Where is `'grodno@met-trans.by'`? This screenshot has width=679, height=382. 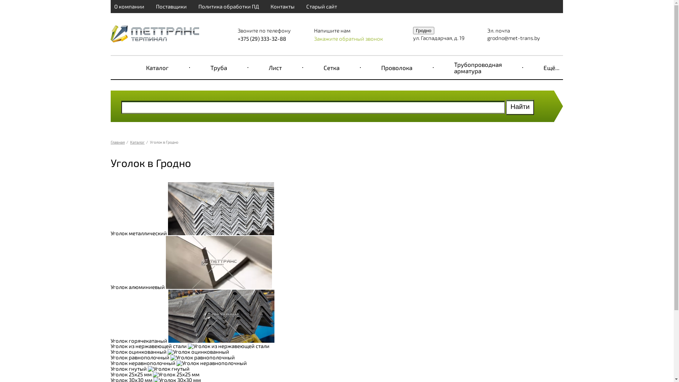
'grodno@met-trans.by' is located at coordinates (513, 37).